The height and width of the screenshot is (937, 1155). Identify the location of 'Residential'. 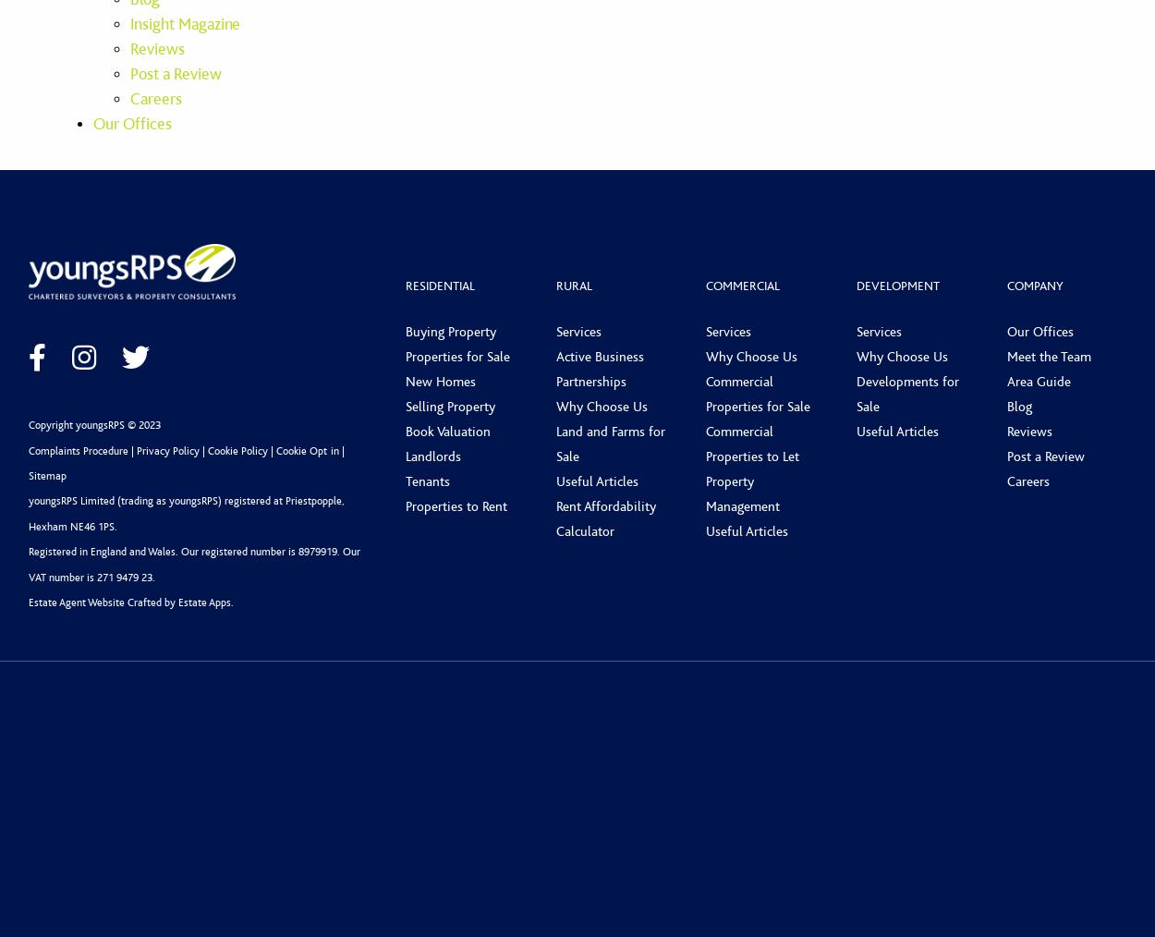
(439, 285).